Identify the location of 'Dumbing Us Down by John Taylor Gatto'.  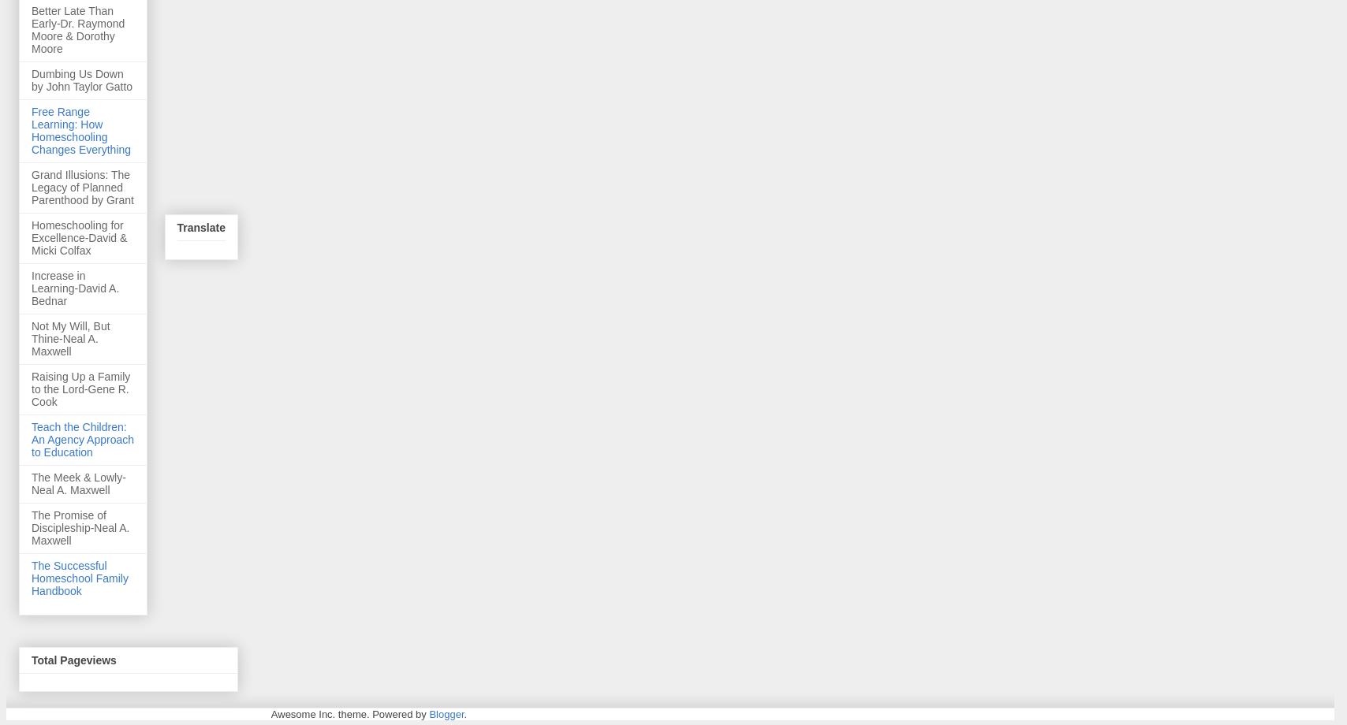
(82, 80).